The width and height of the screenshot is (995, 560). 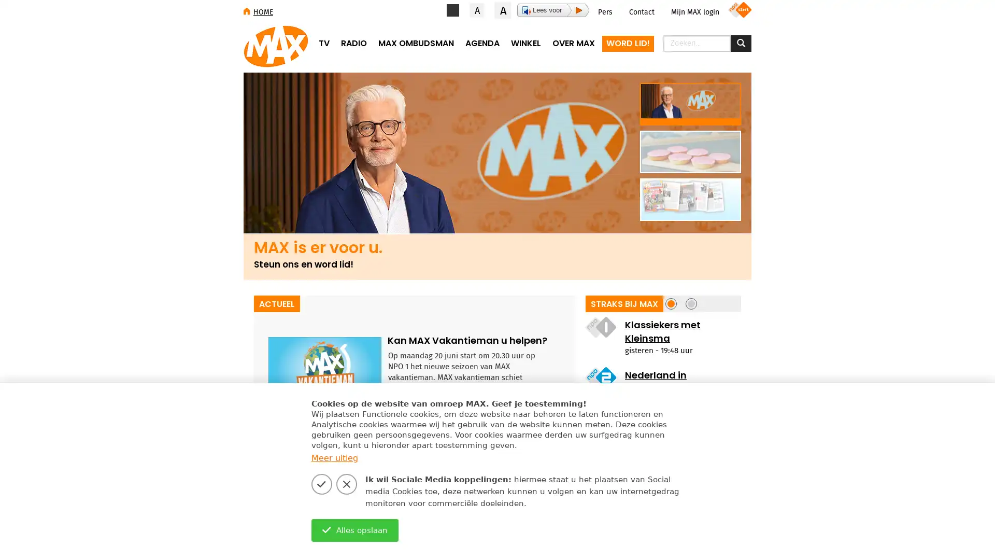 I want to click on Alles opslaan, so click(x=354, y=530).